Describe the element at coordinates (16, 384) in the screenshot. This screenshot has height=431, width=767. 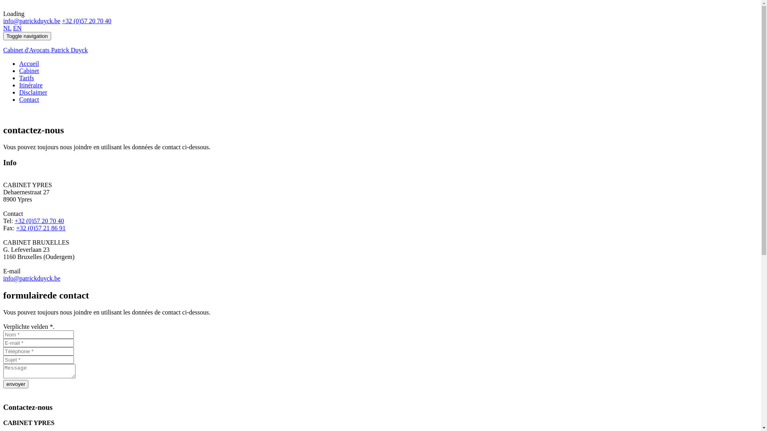
I see `'envoyer'` at that location.